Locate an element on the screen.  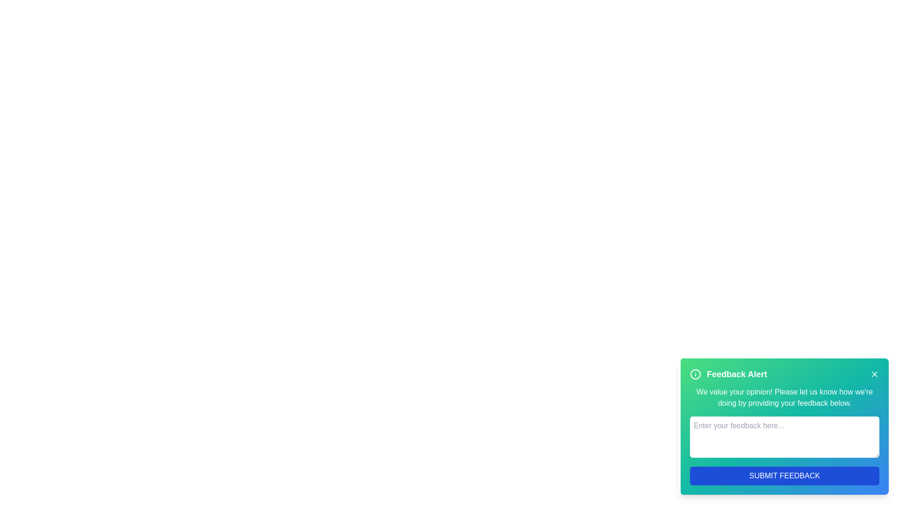
the submit feedback button is located at coordinates (785, 476).